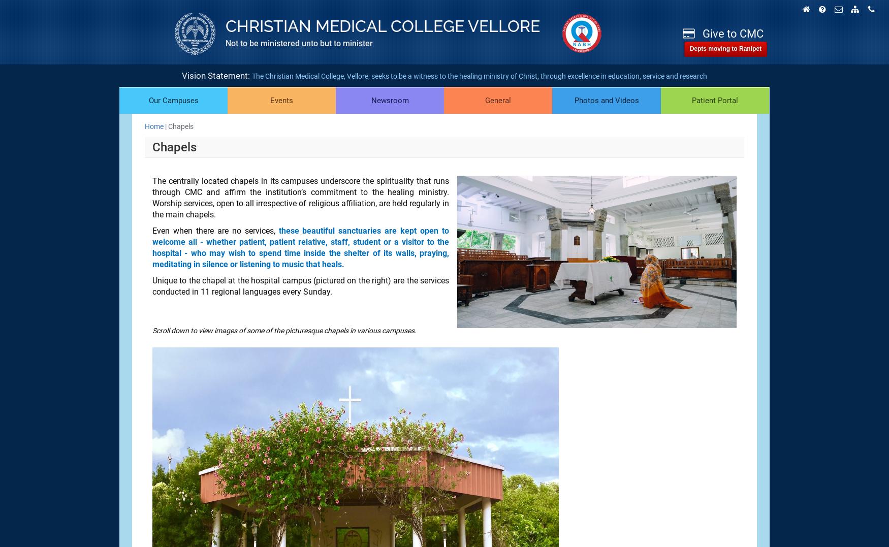  Describe the element at coordinates (724, 48) in the screenshot. I see `'Depts moving to Ranipet'` at that location.